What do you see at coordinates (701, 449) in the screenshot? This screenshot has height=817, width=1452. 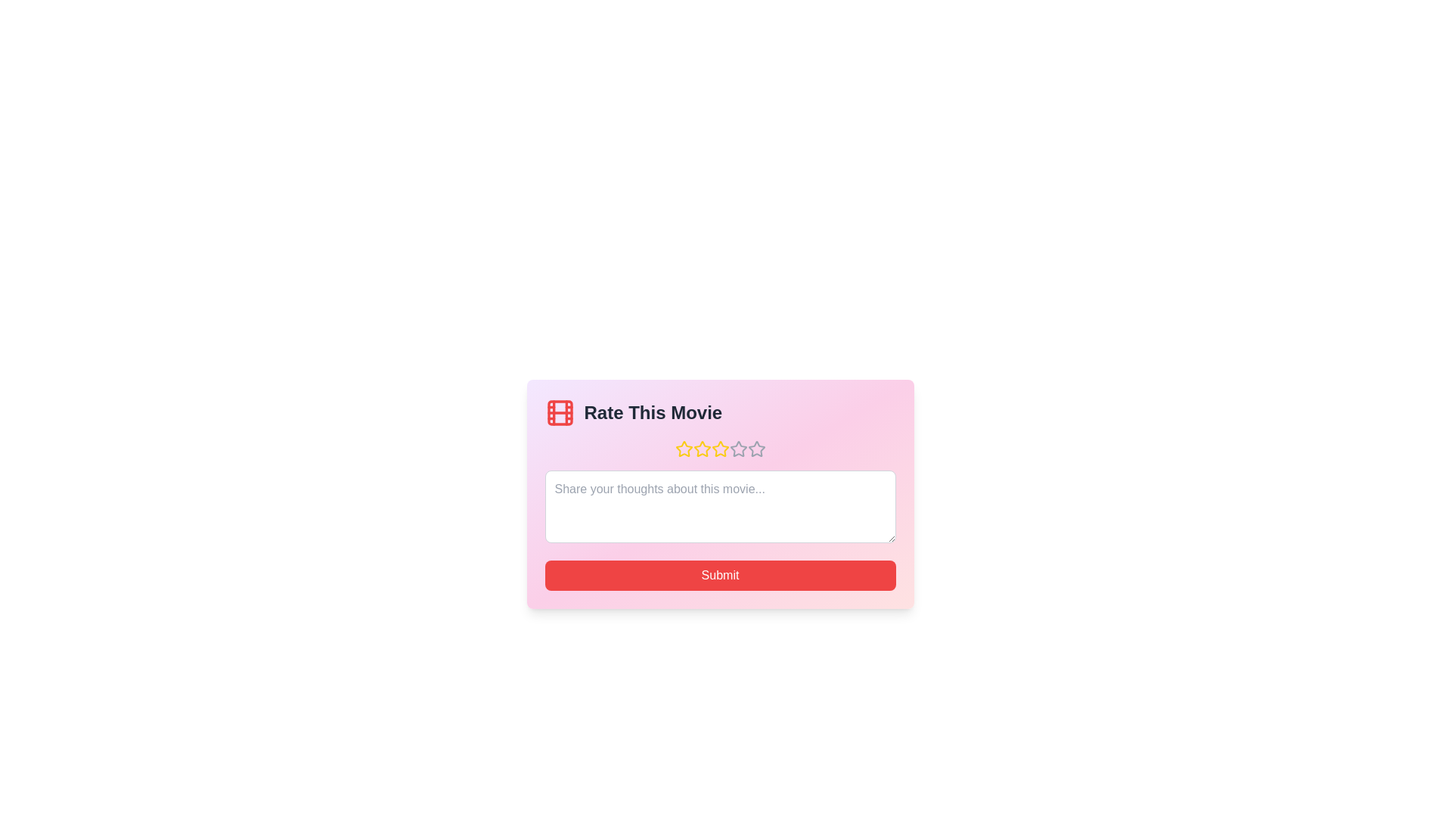 I see `the star representing 2 stars to preview the rating` at bounding box center [701, 449].